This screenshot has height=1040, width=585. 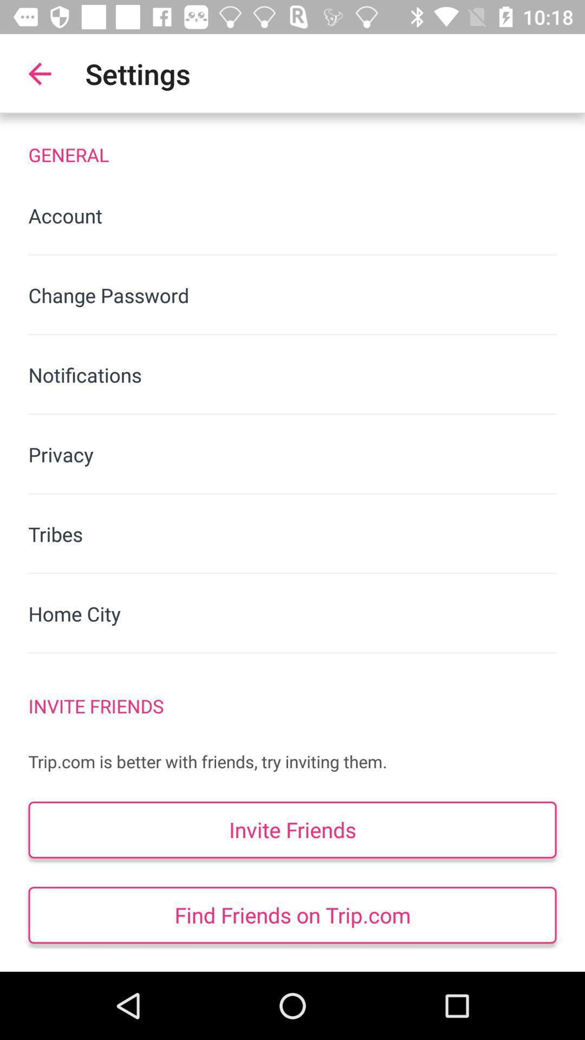 What do you see at coordinates (292, 534) in the screenshot?
I see `the item above home city icon` at bounding box center [292, 534].